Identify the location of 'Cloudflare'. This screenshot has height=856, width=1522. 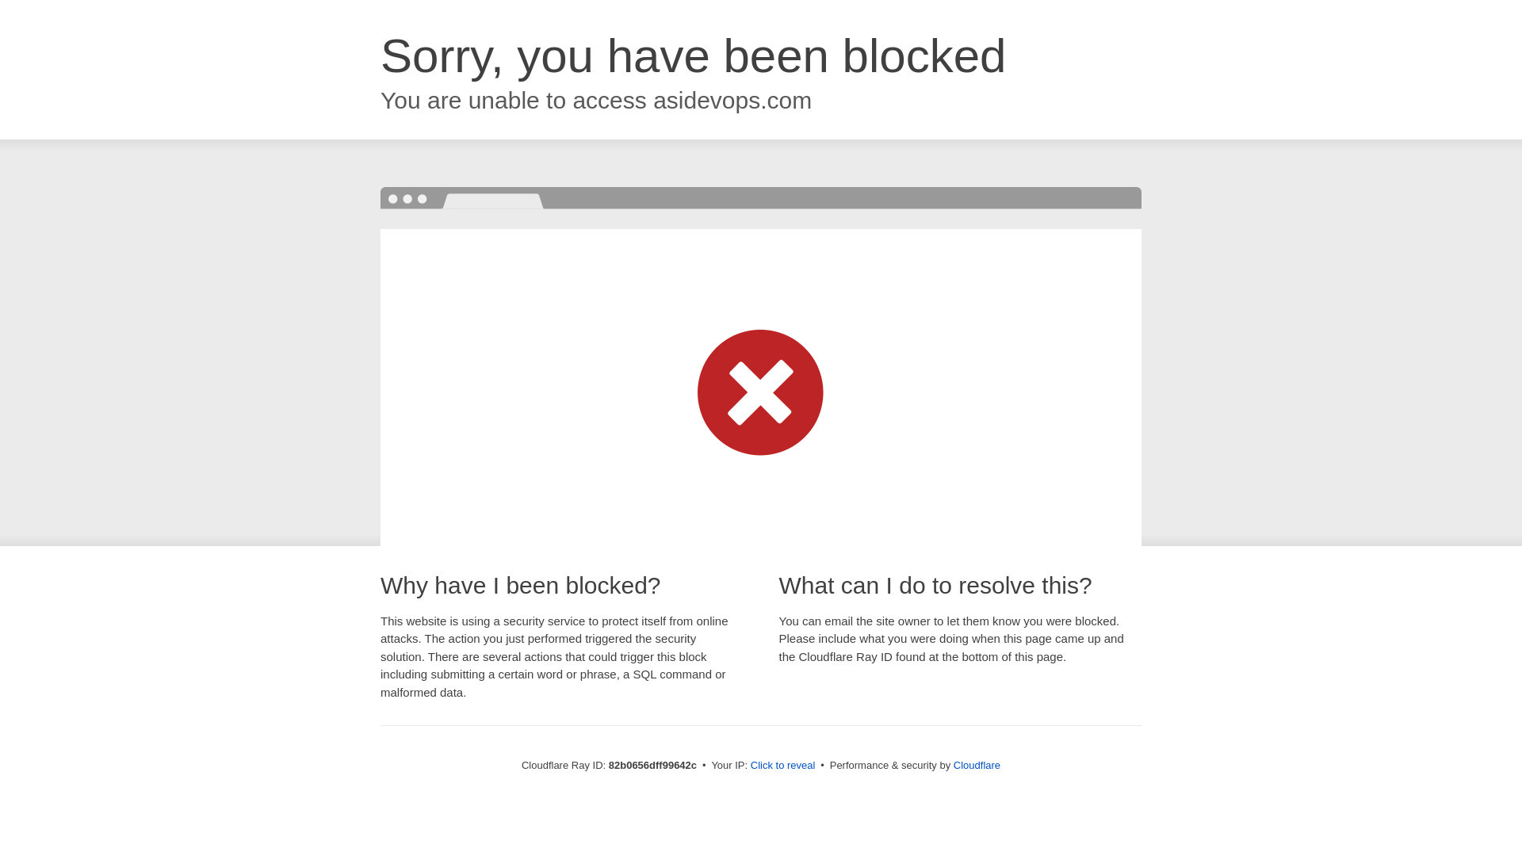
(976, 764).